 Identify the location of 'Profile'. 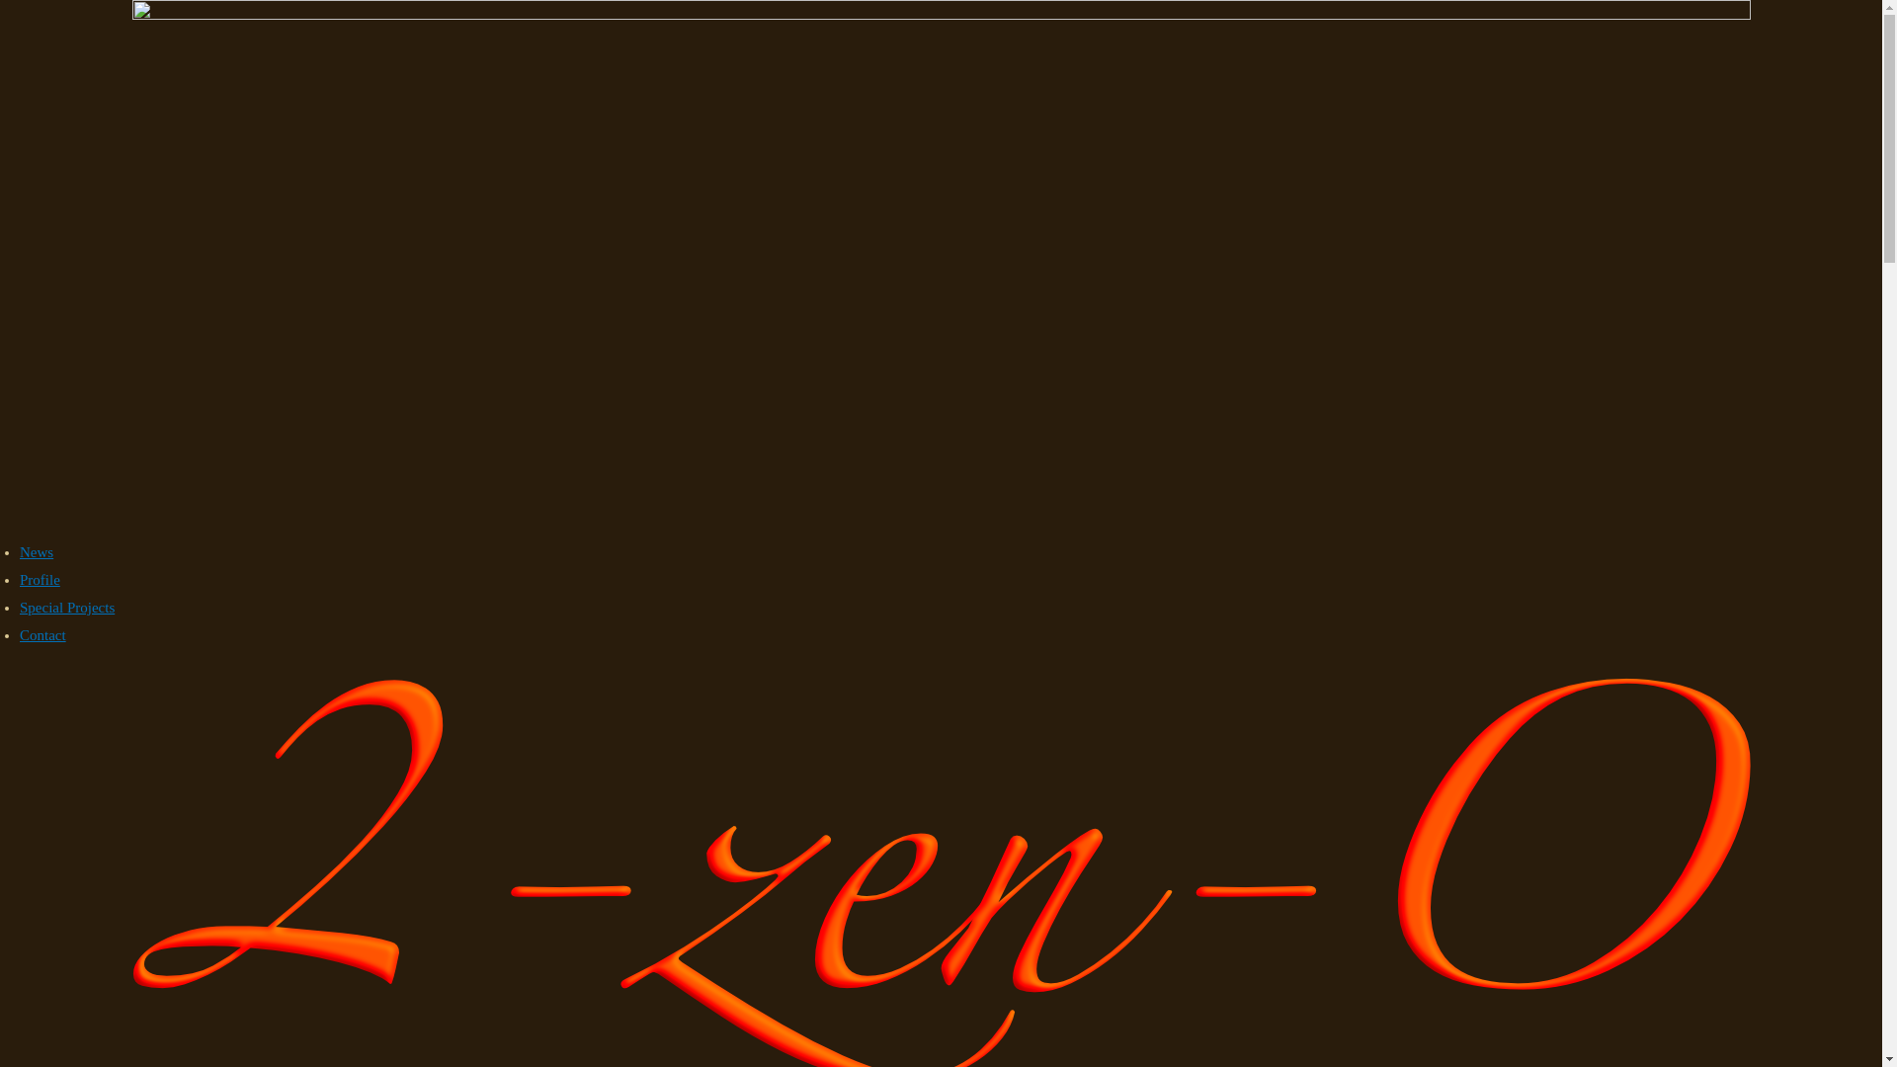
(19, 578).